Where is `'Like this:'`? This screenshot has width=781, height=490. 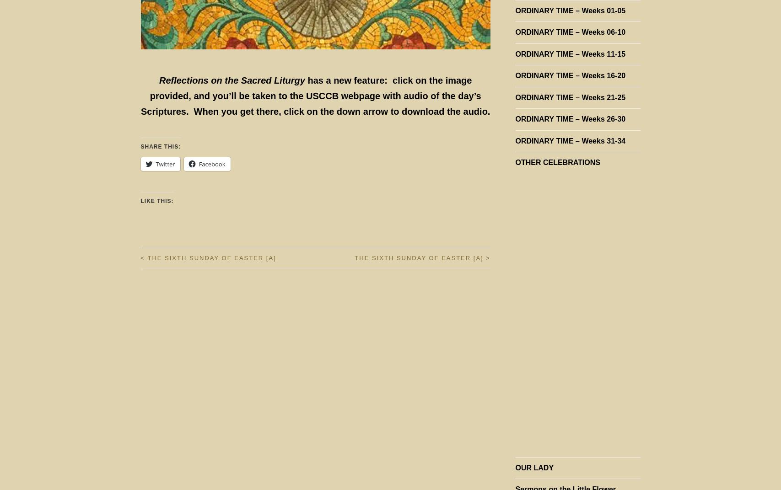
'Like this:' is located at coordinates (156, 200).